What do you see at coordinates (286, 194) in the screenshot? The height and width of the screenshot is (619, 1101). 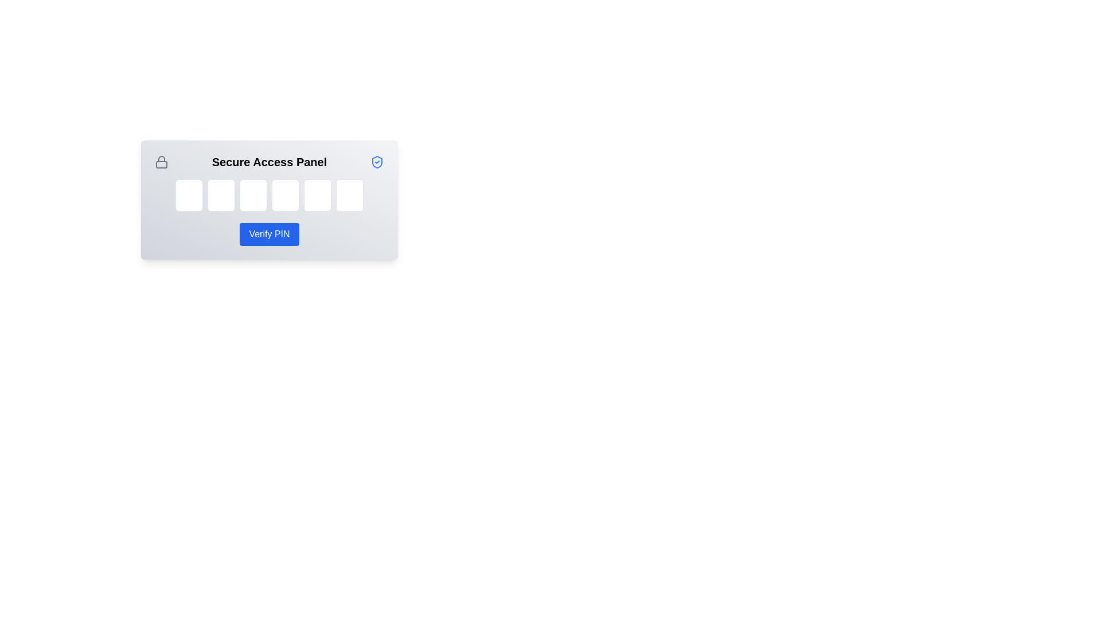 I see `the fourth password input box in the Secure Access Panel to focus the input field` at bounding box center [286, 194].